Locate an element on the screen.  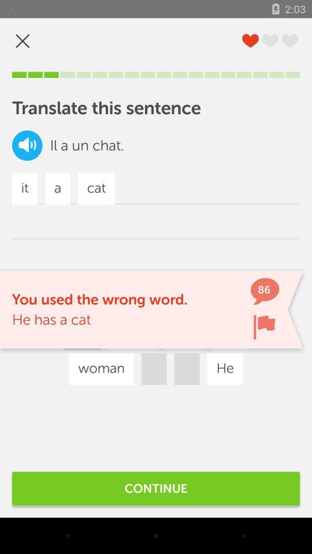
the close icon is located at coordinates (23, 41).